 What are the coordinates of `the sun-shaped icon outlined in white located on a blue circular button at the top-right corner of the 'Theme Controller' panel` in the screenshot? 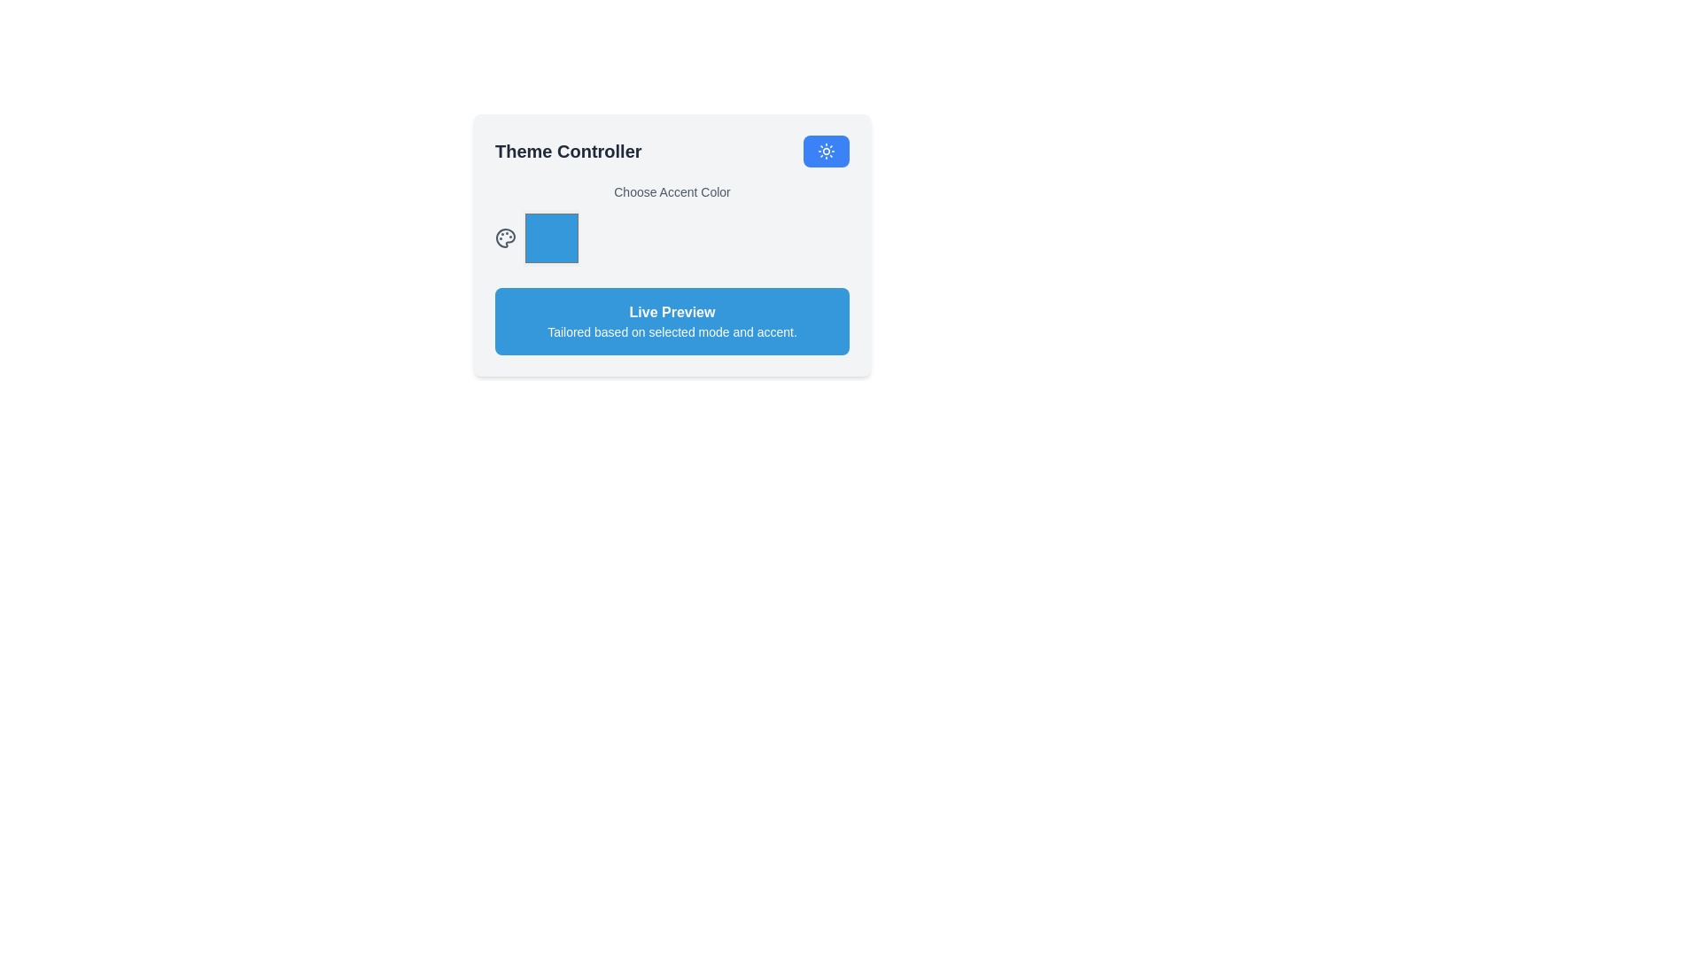 It's located at (825, 150).